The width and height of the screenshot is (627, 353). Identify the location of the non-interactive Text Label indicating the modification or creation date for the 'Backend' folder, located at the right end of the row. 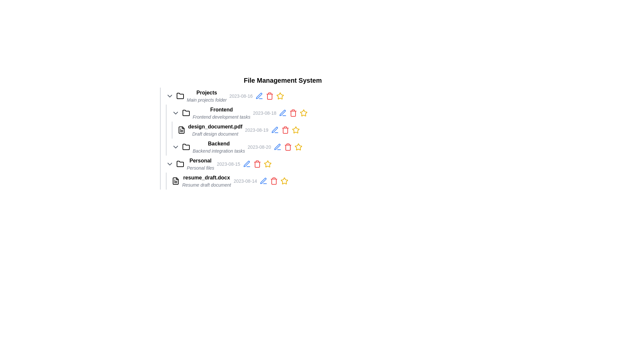
(259, 147).